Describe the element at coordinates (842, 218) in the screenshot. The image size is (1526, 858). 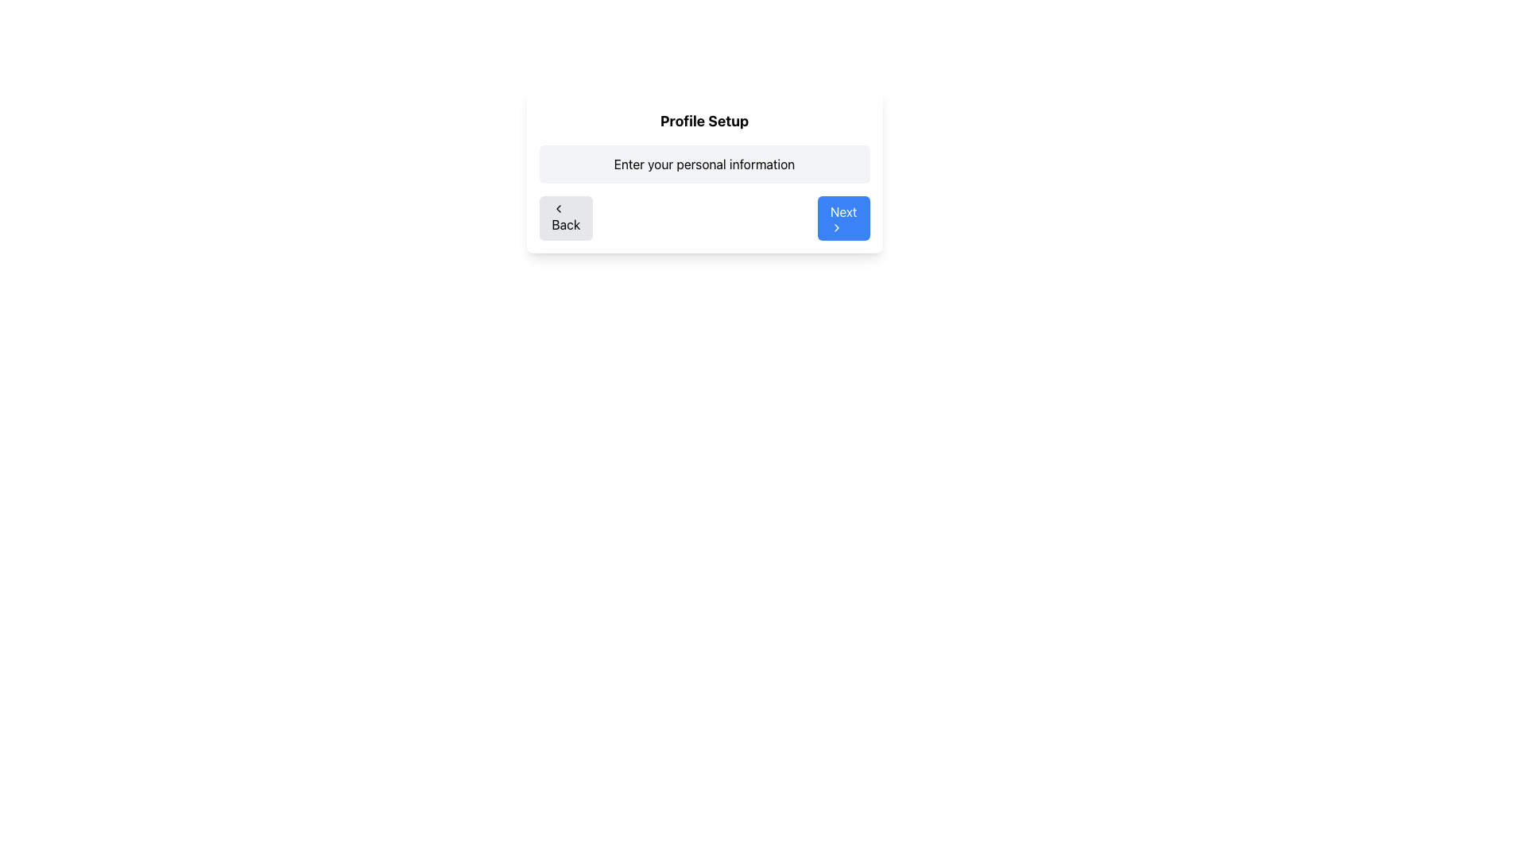
I see `the blue rectangular button labeled 'Next' with a right arrow icon to proceed to the next step` at that location.